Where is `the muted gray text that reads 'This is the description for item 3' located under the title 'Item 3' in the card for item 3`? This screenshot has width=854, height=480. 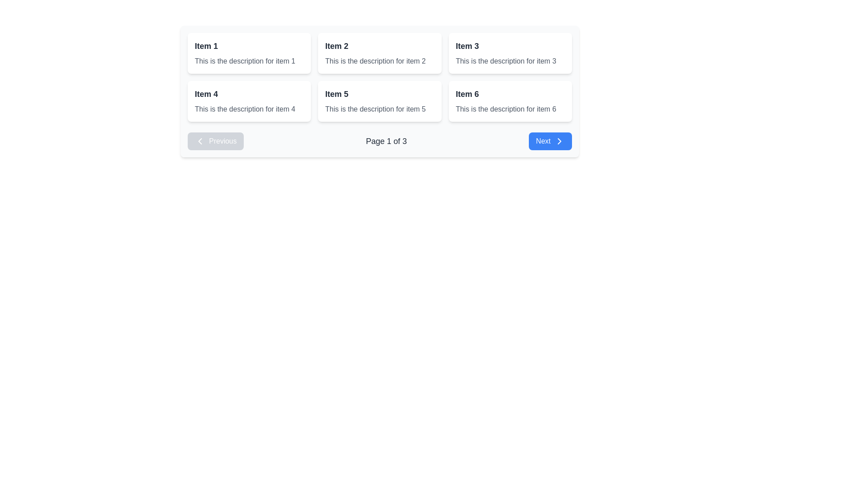
the muted gray text that reads 'This is the description for item 3' located under the title 'Item 3' in the card for item 3 is located at coordinates (506, 61).